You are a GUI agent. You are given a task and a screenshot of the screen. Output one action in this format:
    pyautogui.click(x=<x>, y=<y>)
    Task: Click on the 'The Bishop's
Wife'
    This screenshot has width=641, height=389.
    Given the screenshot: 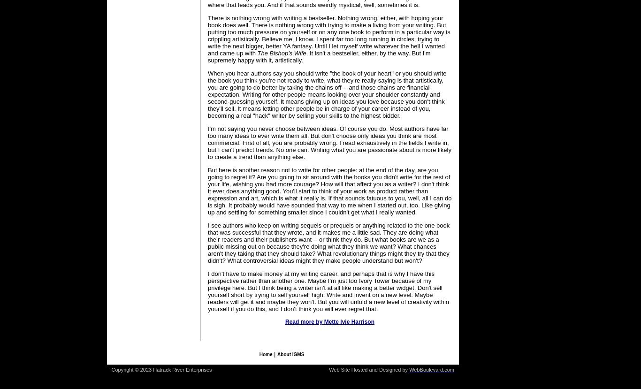 What is the action you would take?
    pyautogui.click(x=281, y=53)
    